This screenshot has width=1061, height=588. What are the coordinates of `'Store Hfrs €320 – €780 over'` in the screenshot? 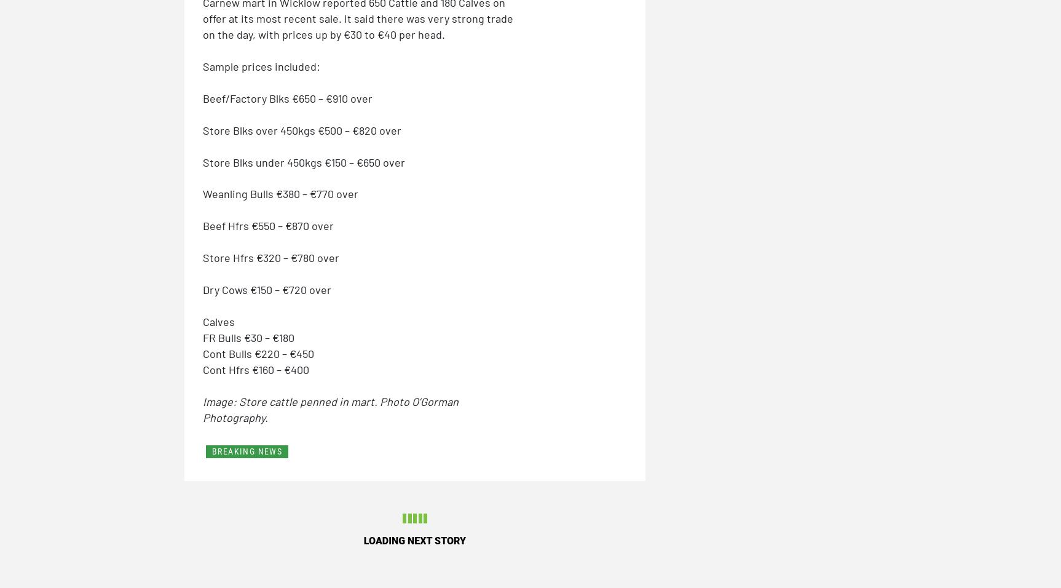 It's located at (270, 258).